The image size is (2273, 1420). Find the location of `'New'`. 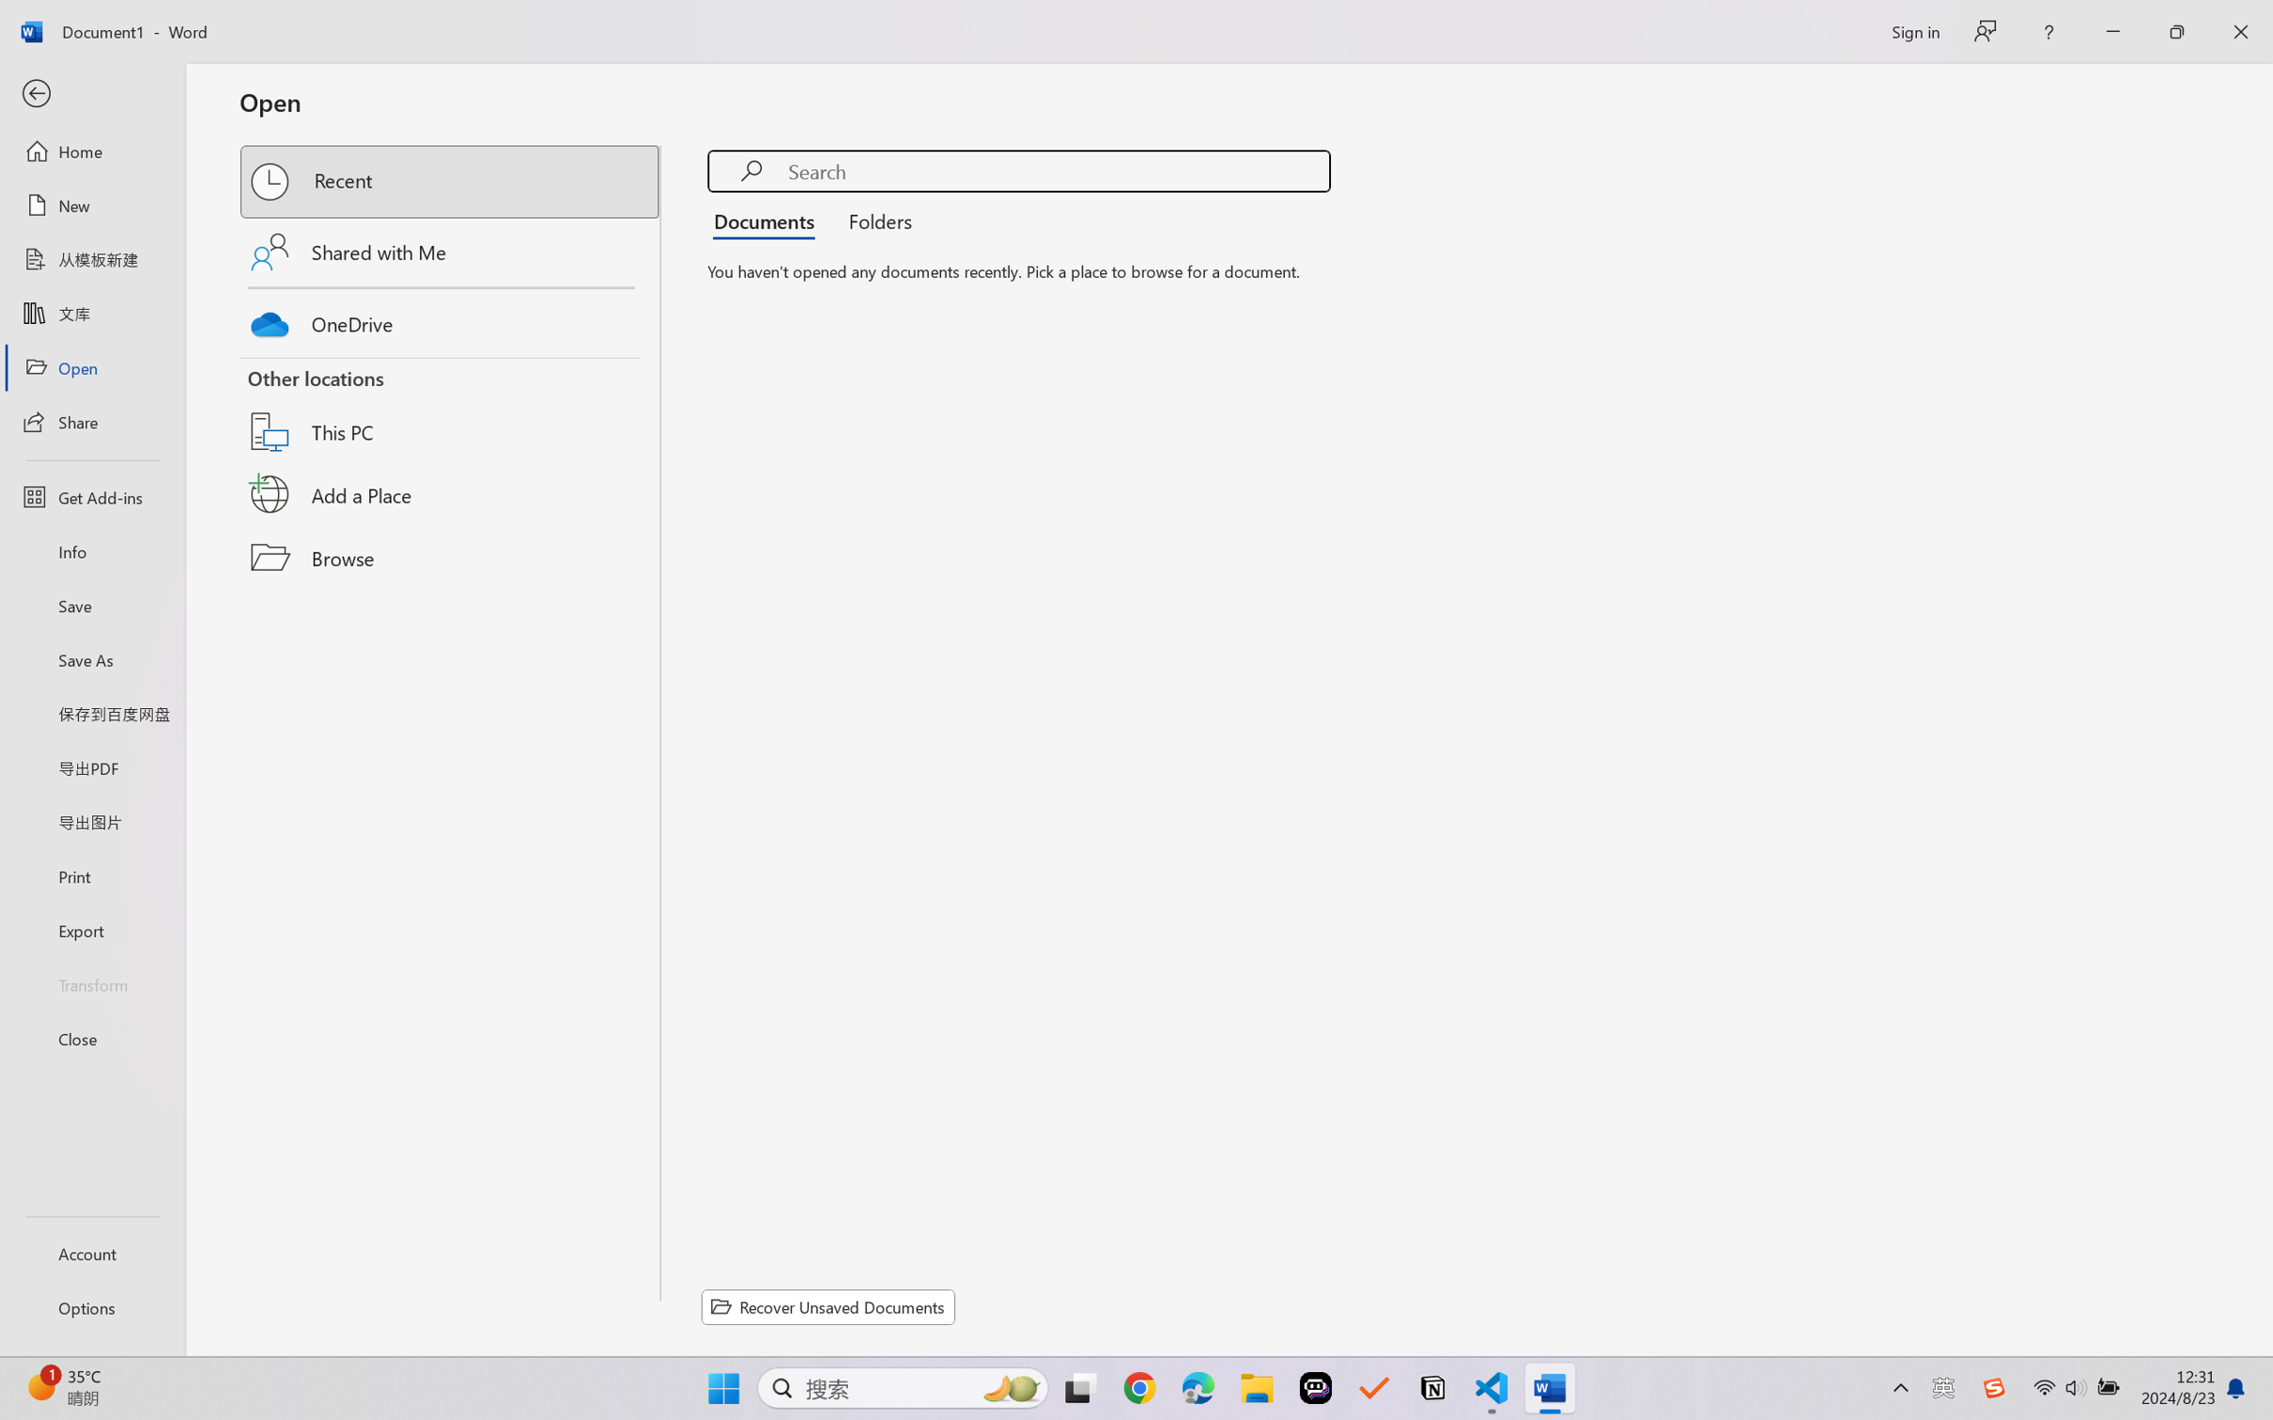

'New' is located at coordinates (91, 204).